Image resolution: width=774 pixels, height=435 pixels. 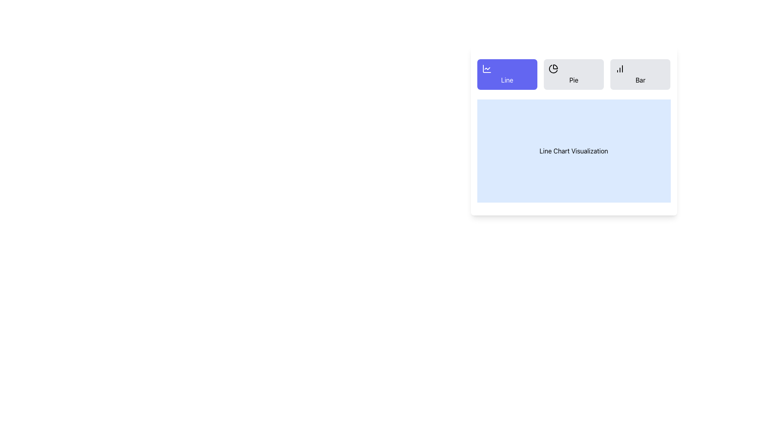 What do you see at coordinates (640, 80) in the screenshot?
I see `'Bar Chart' Text Label located in the third entry of the horizontal menu bar at the top-right corner of the interface, below the graphical icon` at bounding box center [640, 80].